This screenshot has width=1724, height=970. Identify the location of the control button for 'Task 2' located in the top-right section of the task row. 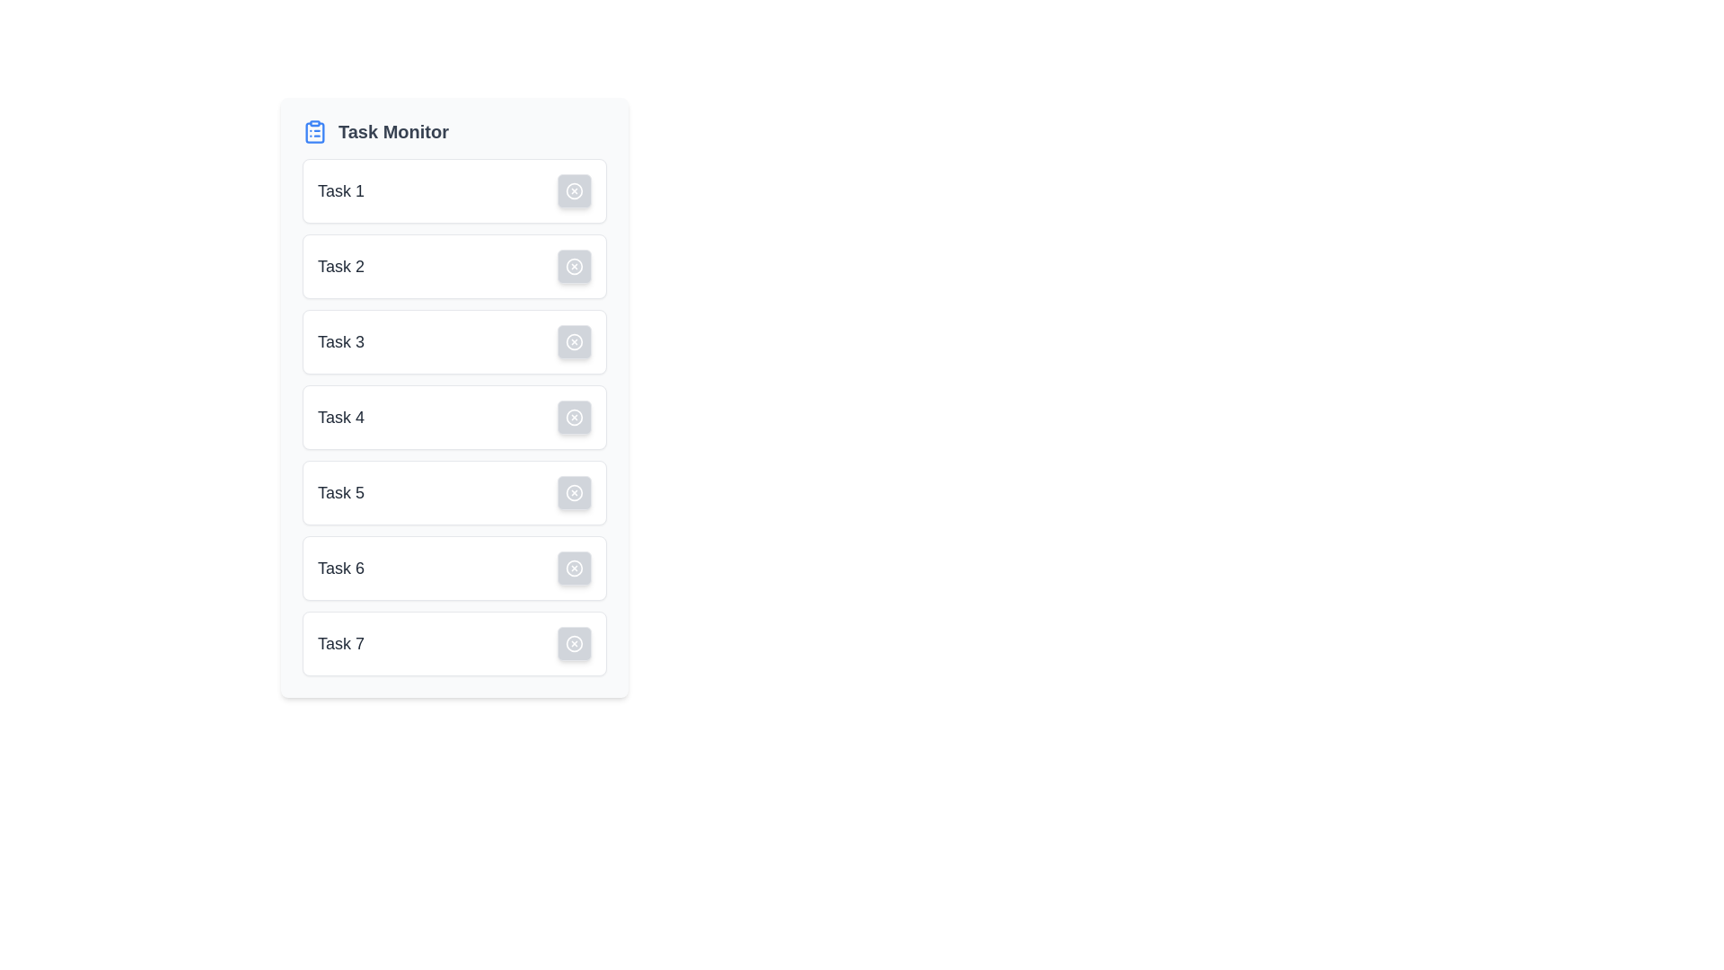
(573, 267).